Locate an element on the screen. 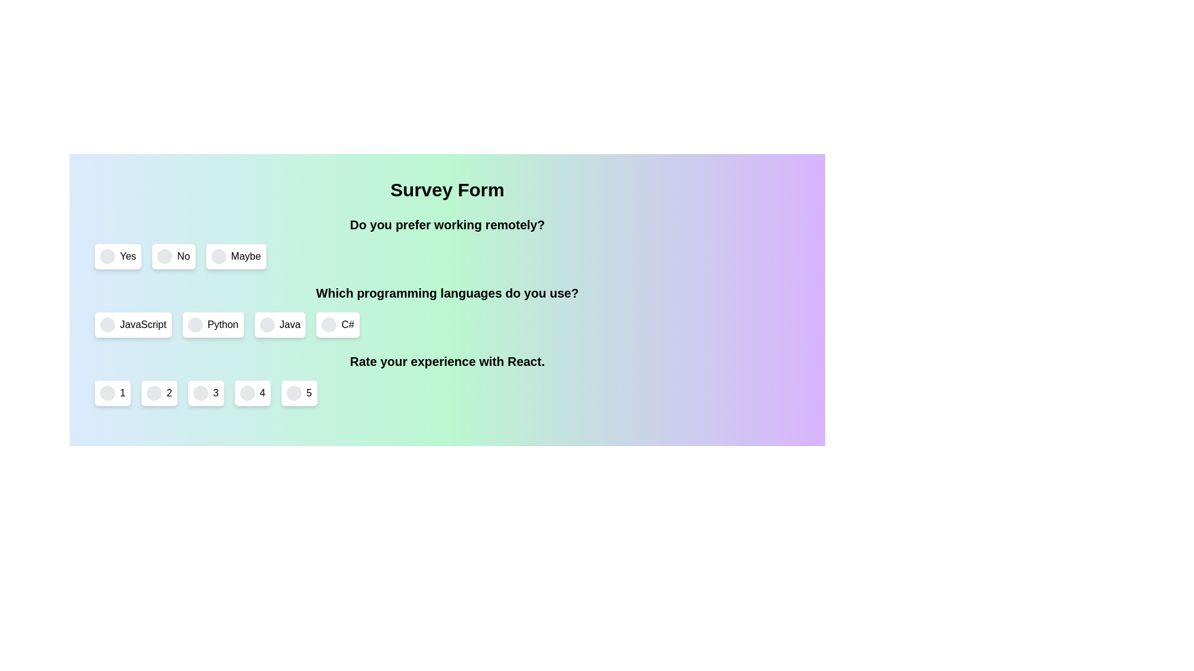 Image resolution: width=1194 pixels, height=671 pixels. the 'JavaScript' radio button, which is the first item in the horizontally aligned group of programming language options is located at coordinates (107, 324).